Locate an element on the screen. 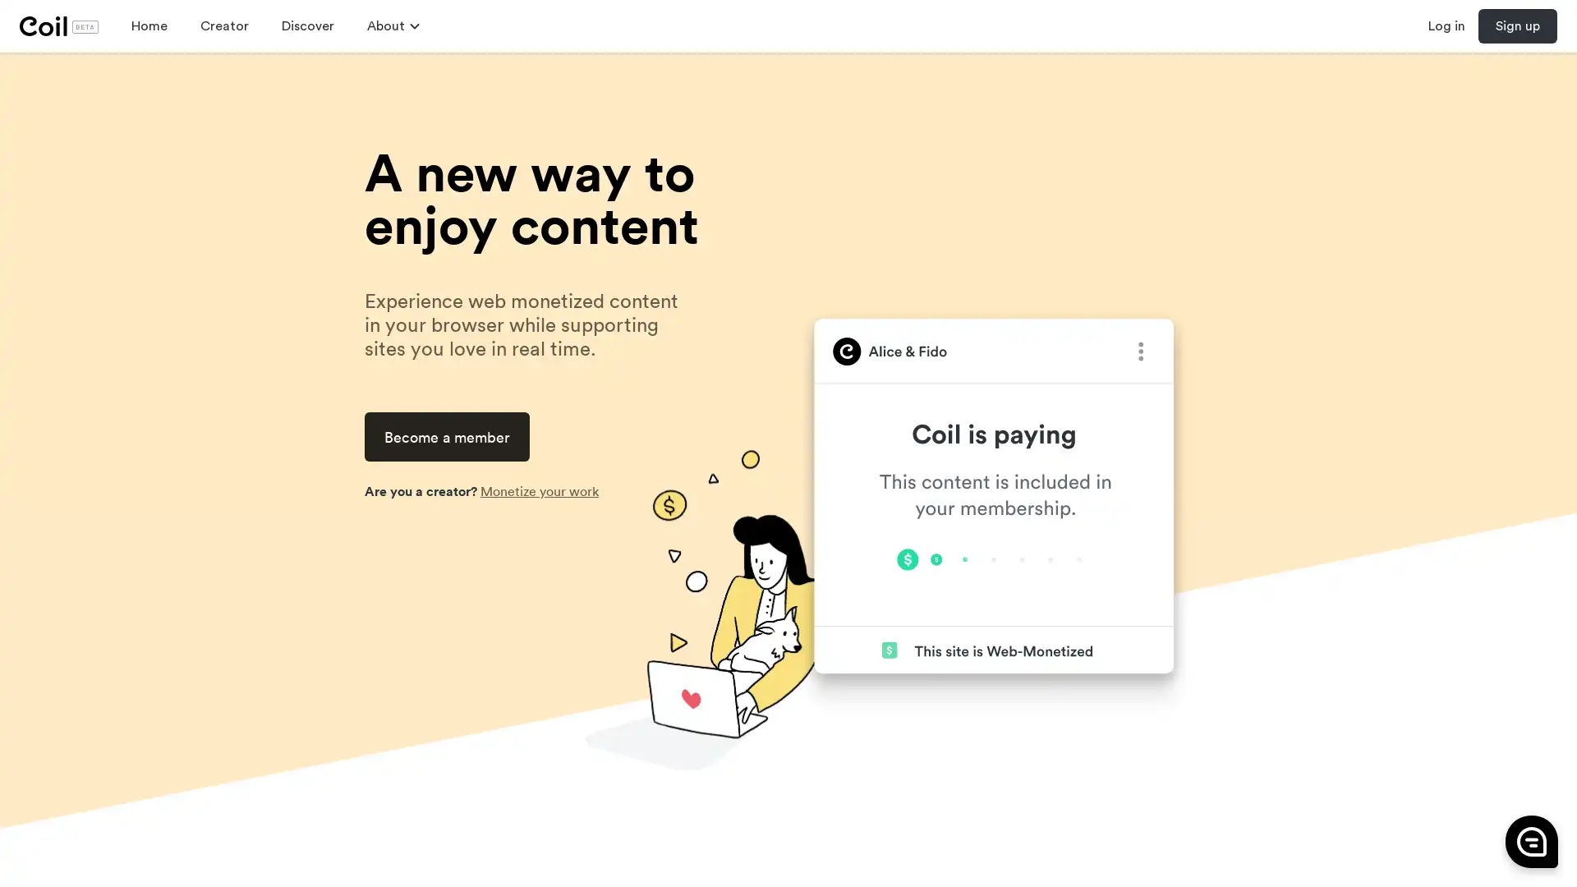 This screenshot has width=1577, height=887. Home is located at coordinates (149, 25).